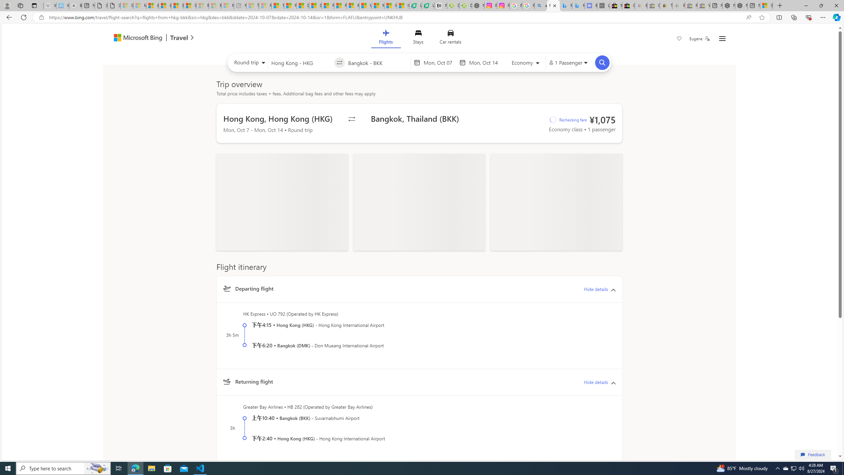 This screenshot has height=475, width=844. Describe the element at coordinates (666, 5) in the screenshot. I see `'Threats and offensive language policy | eBay'` at that location.